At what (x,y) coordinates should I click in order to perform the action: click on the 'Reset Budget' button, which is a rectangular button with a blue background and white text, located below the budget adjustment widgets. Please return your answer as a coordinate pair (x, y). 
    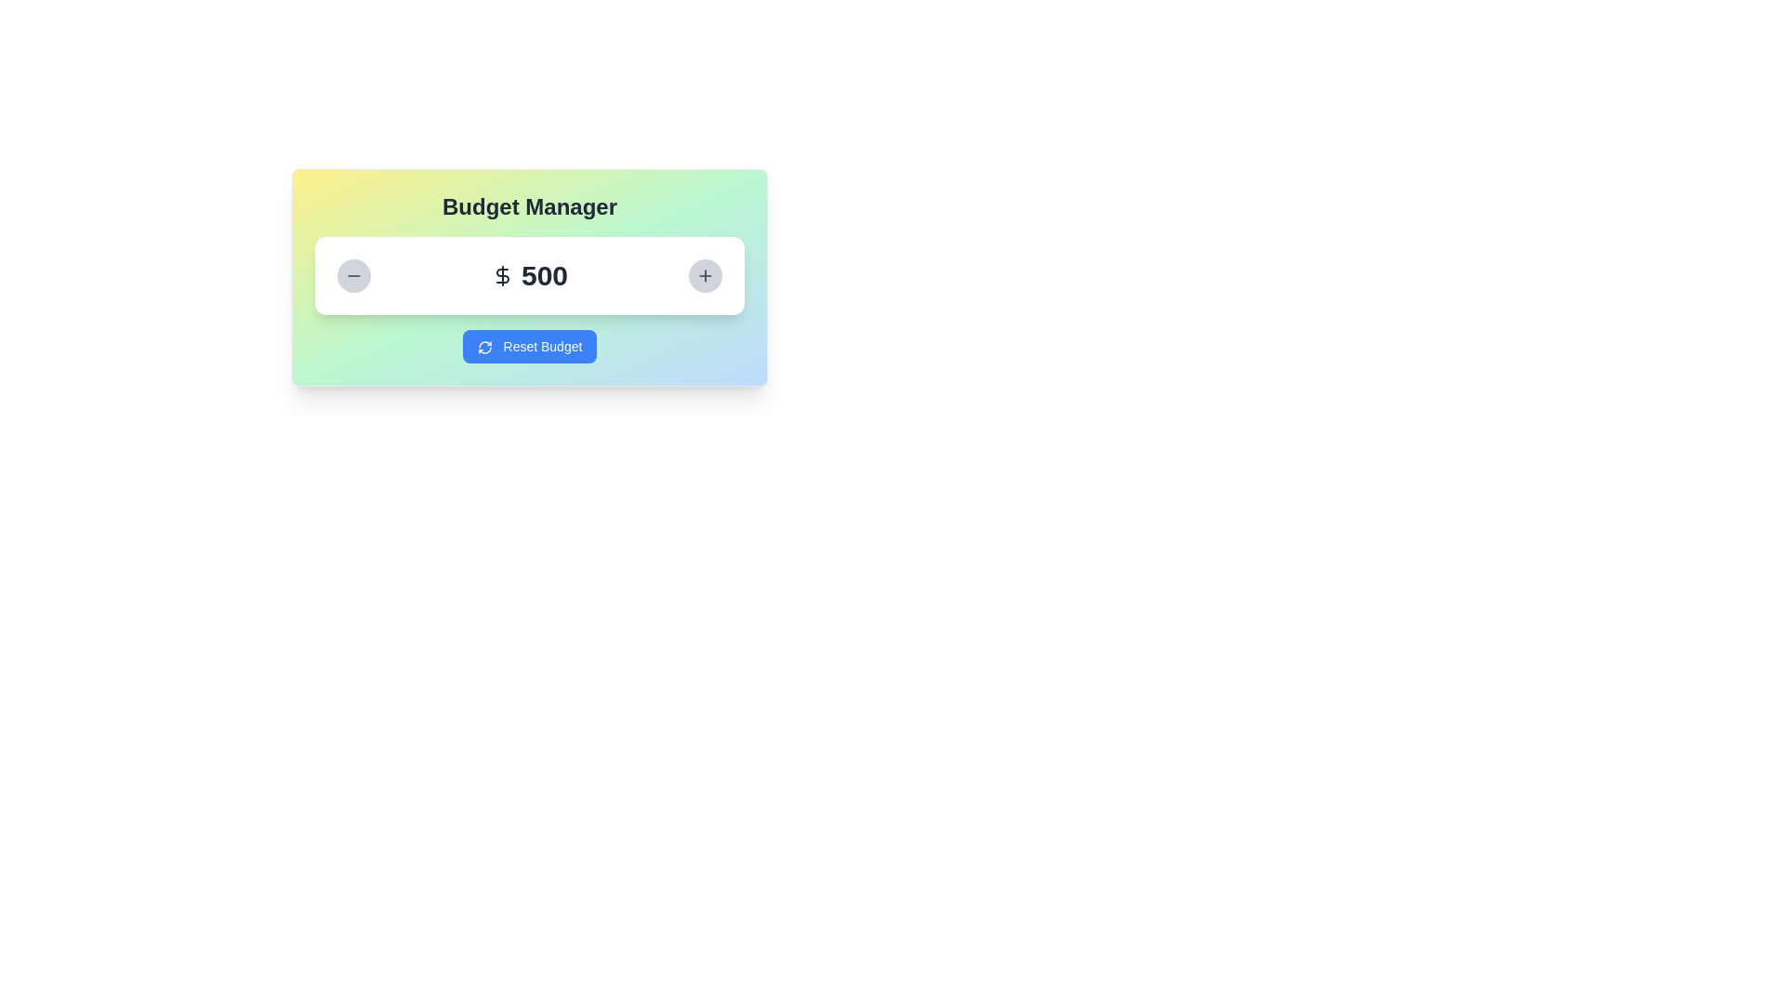
    Looking at the image, I should click on (529, 347).